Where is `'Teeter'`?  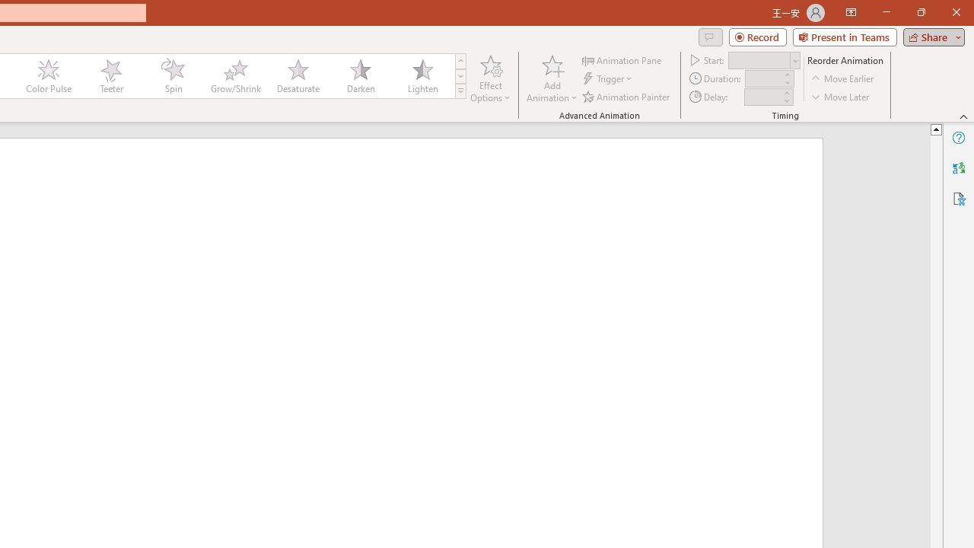
'Teeter' is located at coordinates (110, 76).